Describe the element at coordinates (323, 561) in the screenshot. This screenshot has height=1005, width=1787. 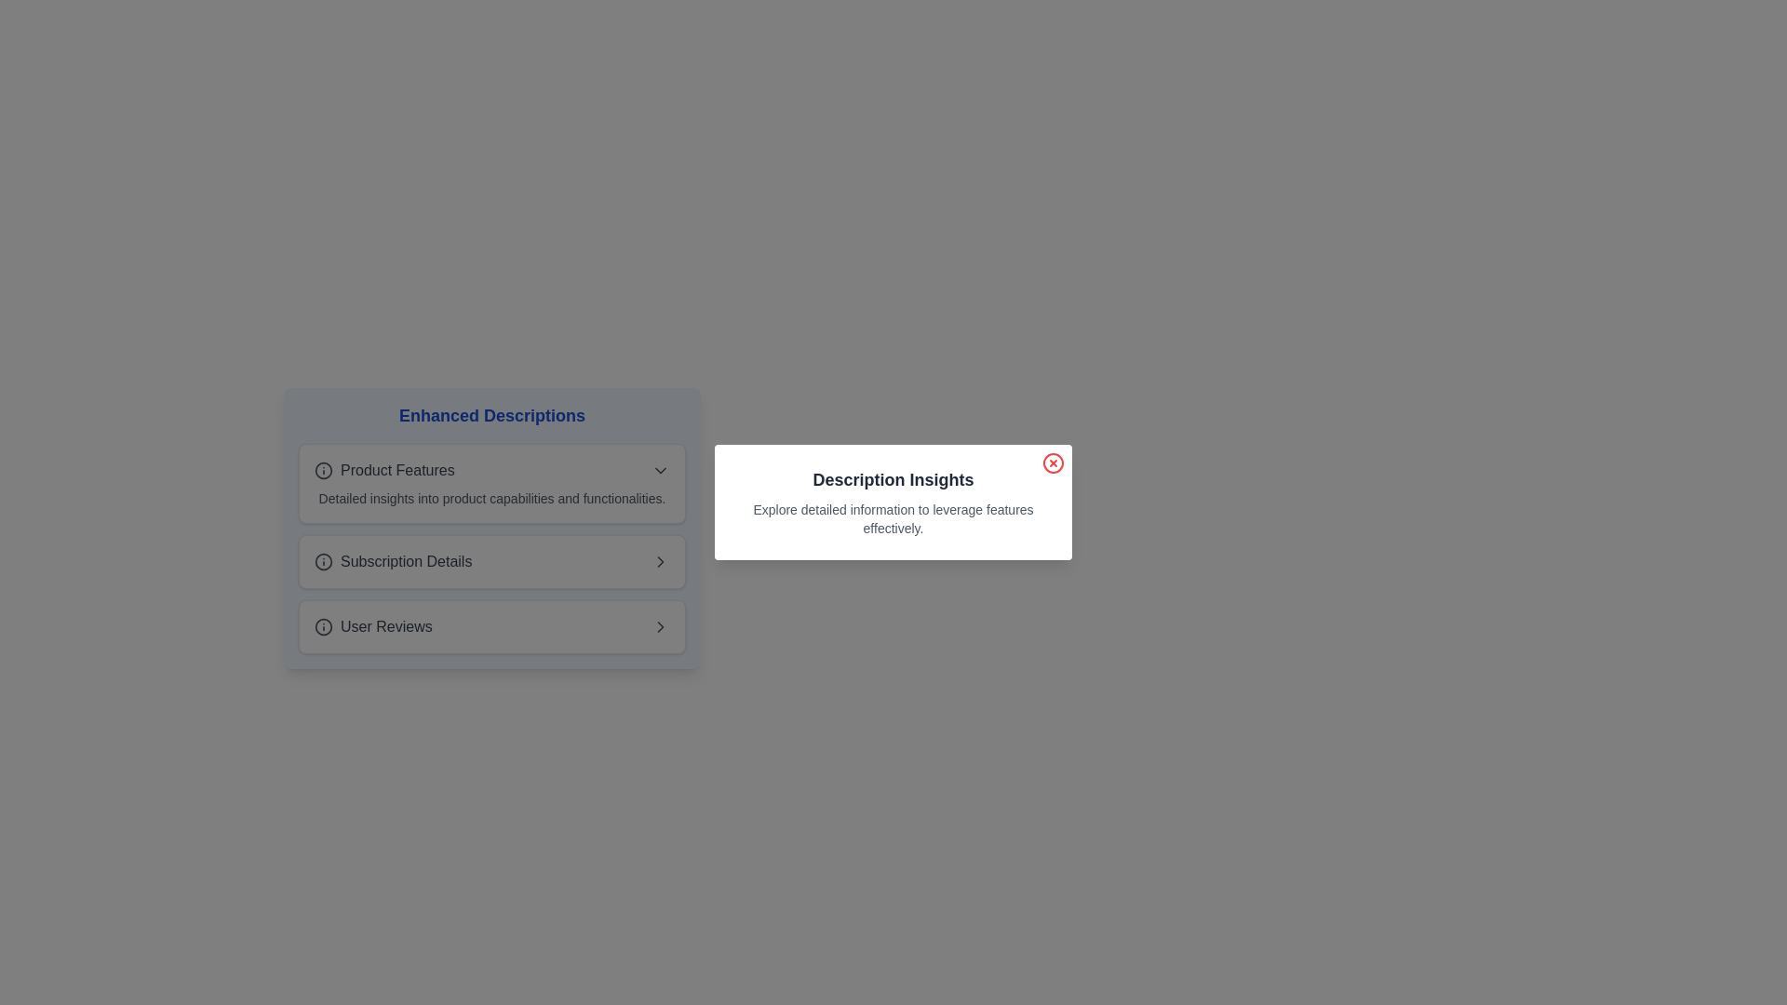
I see `the circular SVG component that serves as a decorative representation, located in the middle of an icon group near the text 'Subscription Details'` at that location.